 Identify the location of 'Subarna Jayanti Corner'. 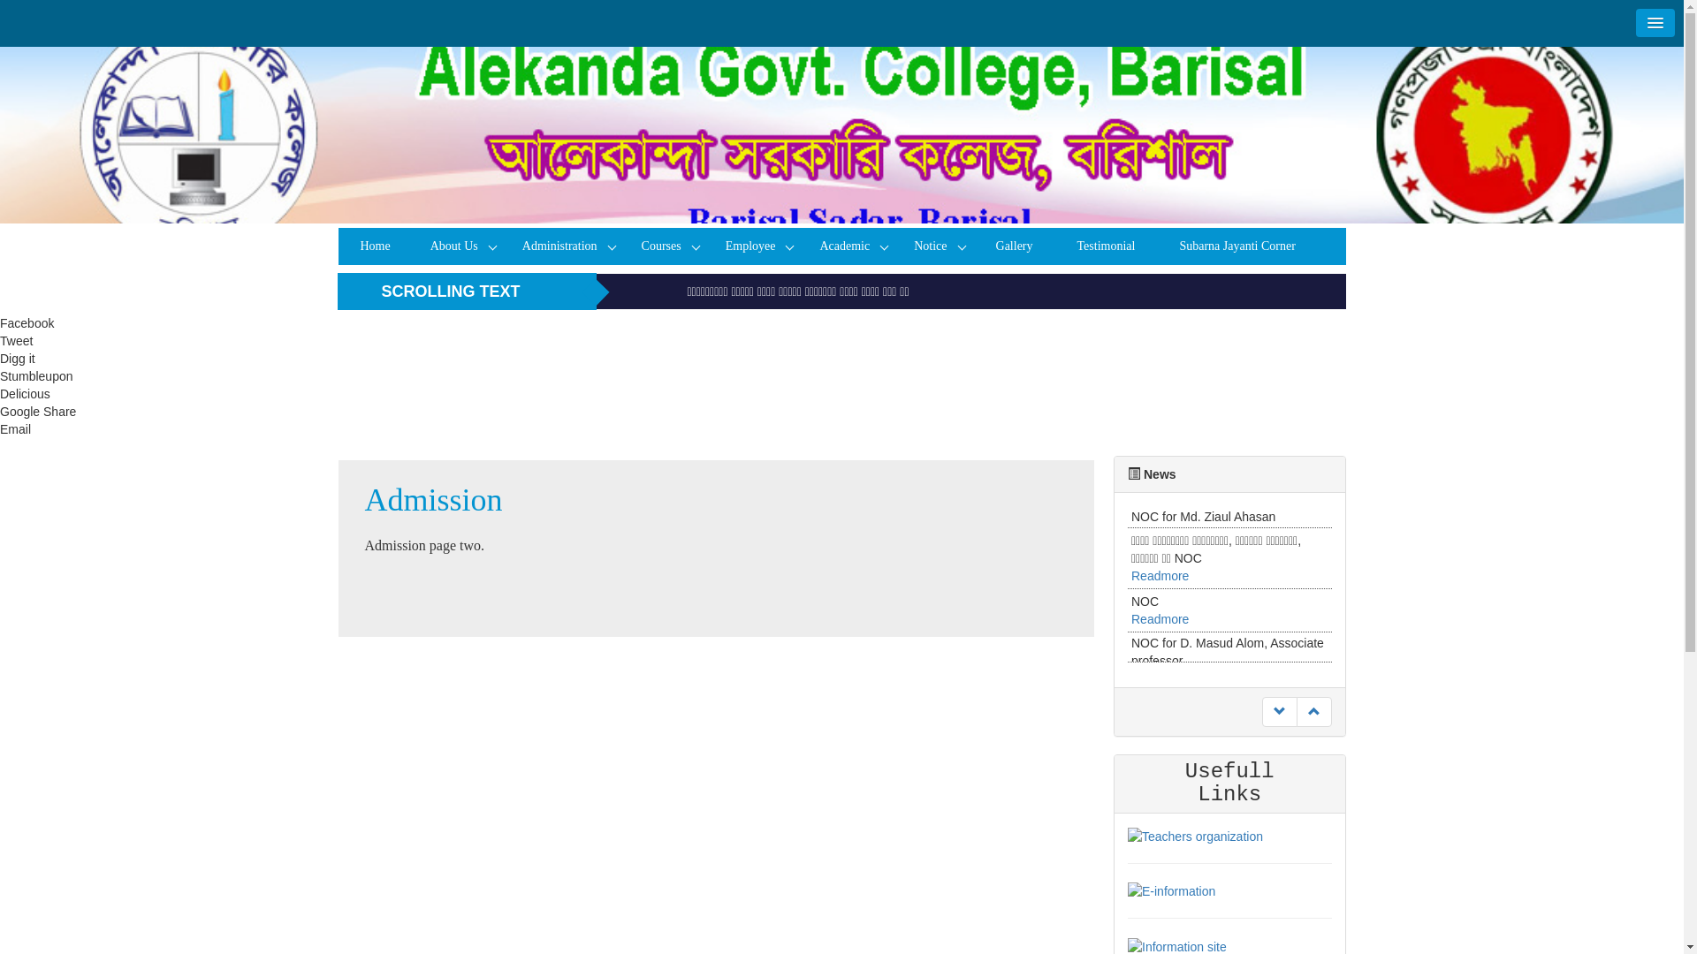
(1236, 246).